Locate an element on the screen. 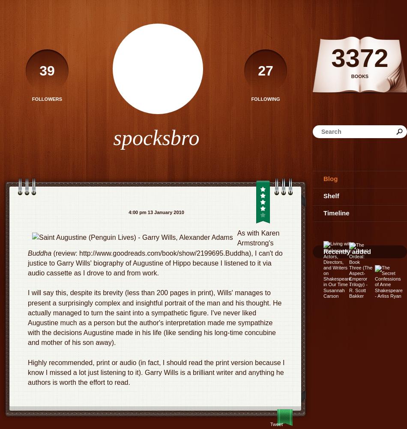 Image resolution: width=407 pixels, height=429 pixels. '39' is located at coordinates (47, 71).